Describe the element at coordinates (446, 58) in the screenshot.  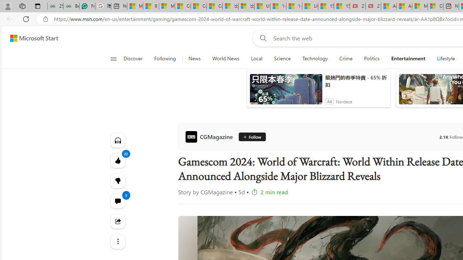
I see `'Lifestyle'` at that location.